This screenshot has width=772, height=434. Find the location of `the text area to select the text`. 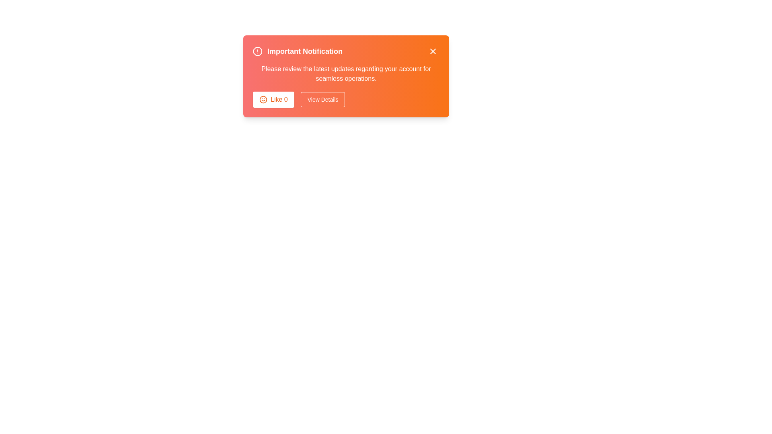

the text area to select the text is located at coordinates (346, 74).